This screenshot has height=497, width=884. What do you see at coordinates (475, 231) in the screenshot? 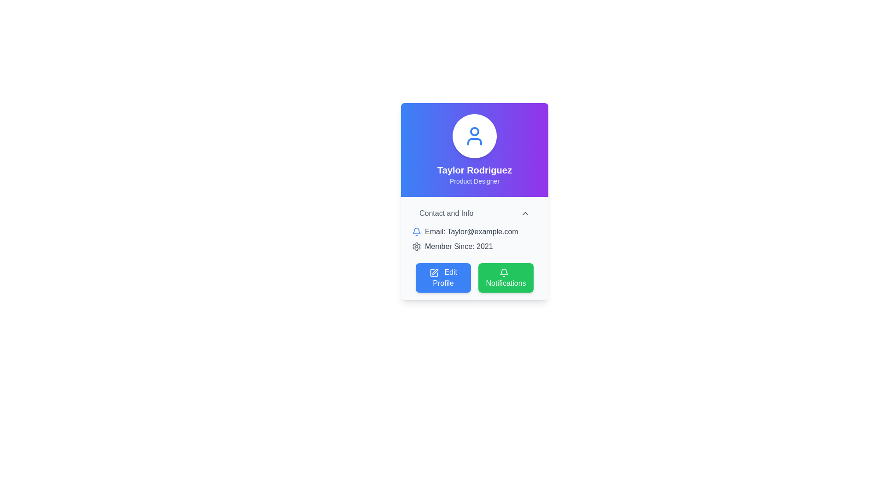
I see `the email text display showing 'Email: Taylor@example.com' to copy it` at bounding box center [475, 231].